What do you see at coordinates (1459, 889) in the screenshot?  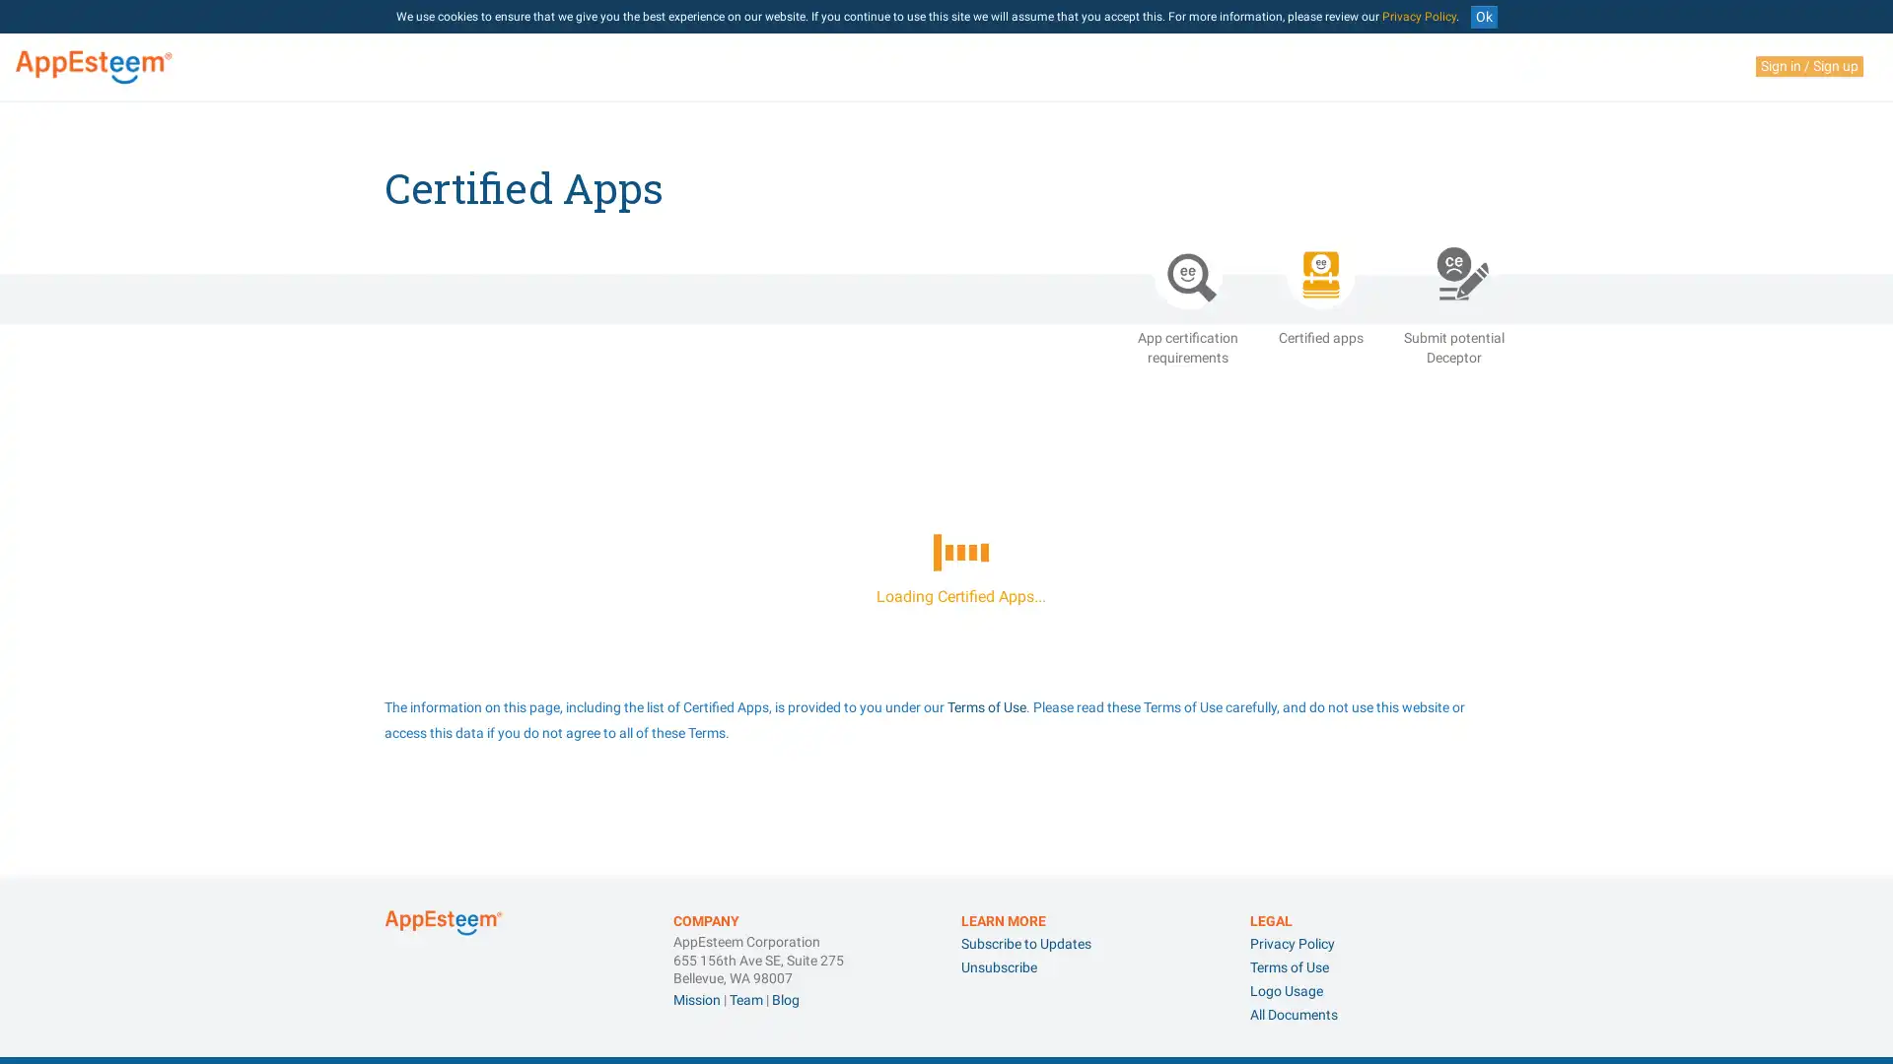 I see `read more` at bounding box center [1459, 889].